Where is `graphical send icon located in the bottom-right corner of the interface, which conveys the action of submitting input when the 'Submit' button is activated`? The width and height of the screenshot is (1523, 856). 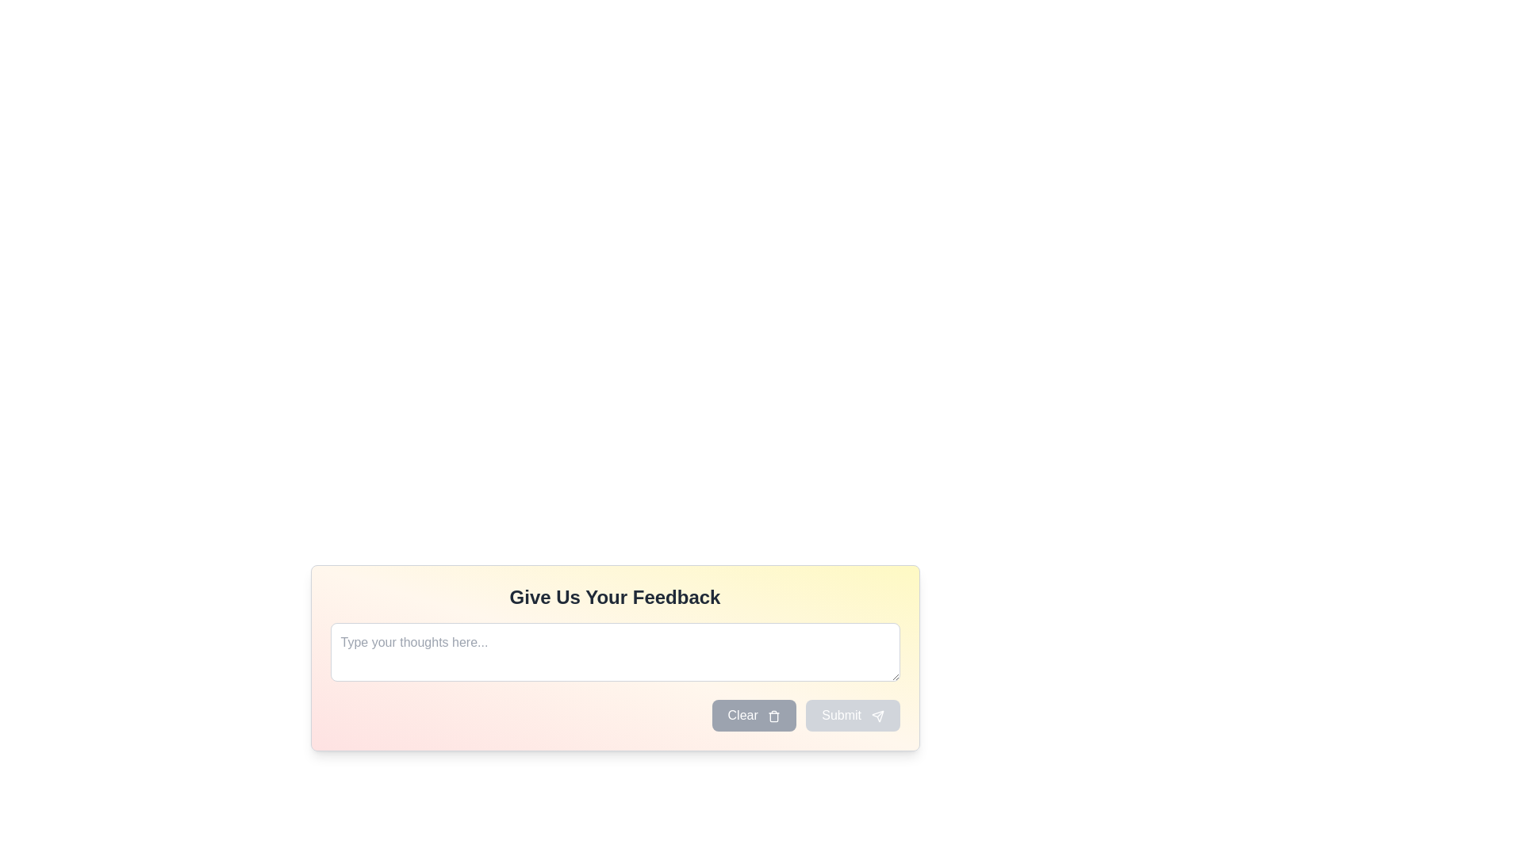
graphical send icon located in the bottom-right corner of the interface, which conveys the action of submitting input when the 'Submit' button is activated is located at coordinates (877, 716).